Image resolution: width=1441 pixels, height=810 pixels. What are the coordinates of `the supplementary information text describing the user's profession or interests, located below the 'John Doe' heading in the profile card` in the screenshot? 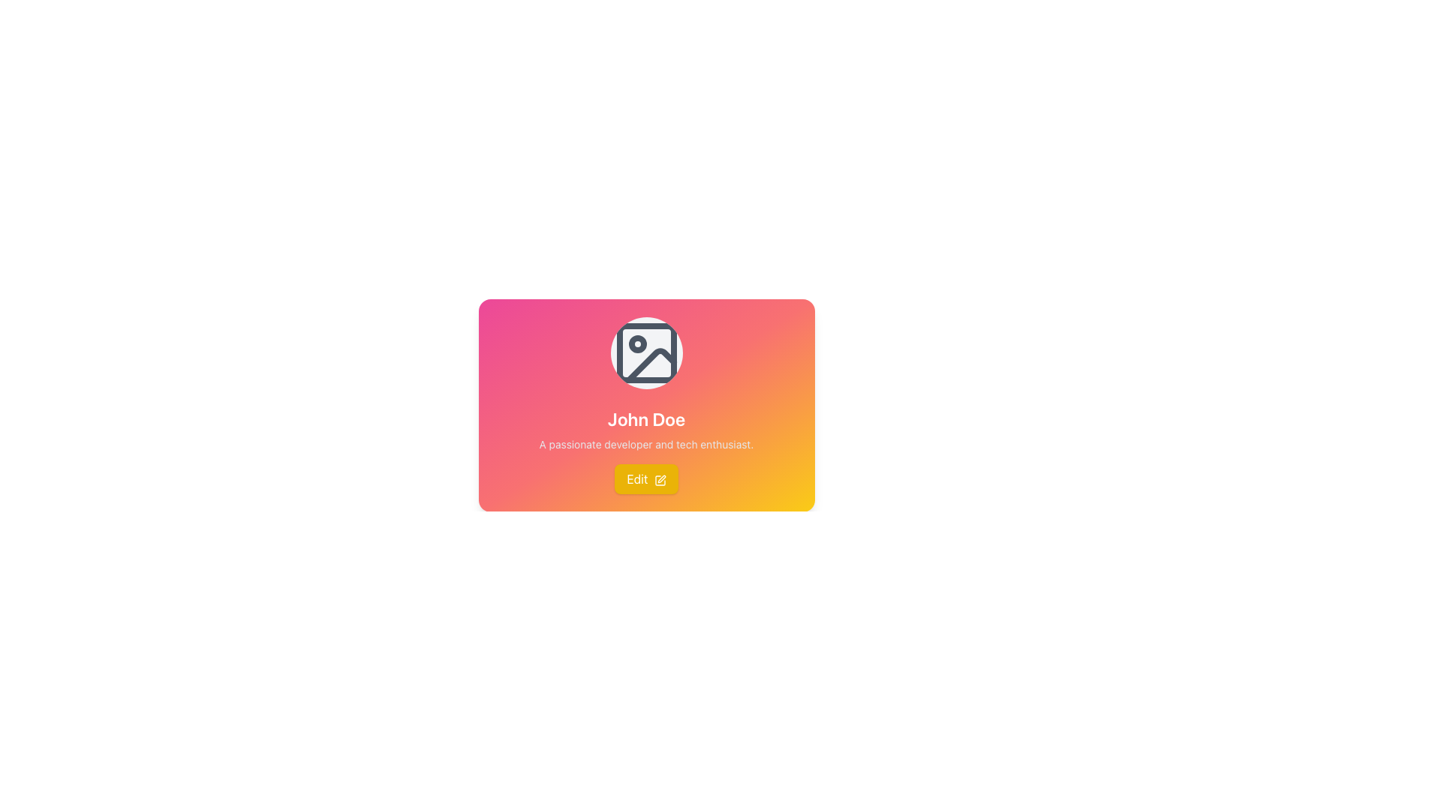 It's located at (646, 444).